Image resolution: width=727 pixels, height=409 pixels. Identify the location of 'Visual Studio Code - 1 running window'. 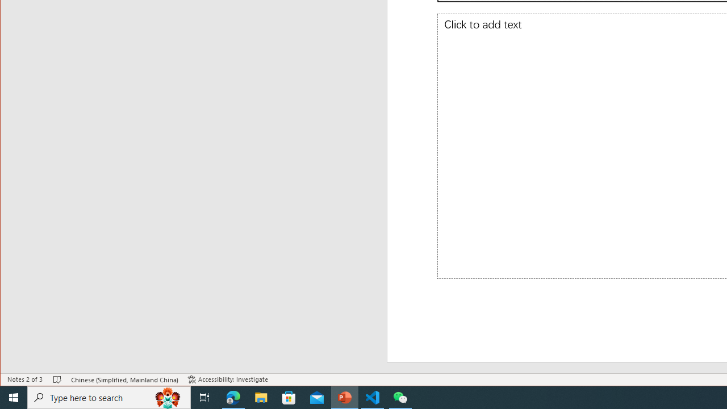
(373, 397).